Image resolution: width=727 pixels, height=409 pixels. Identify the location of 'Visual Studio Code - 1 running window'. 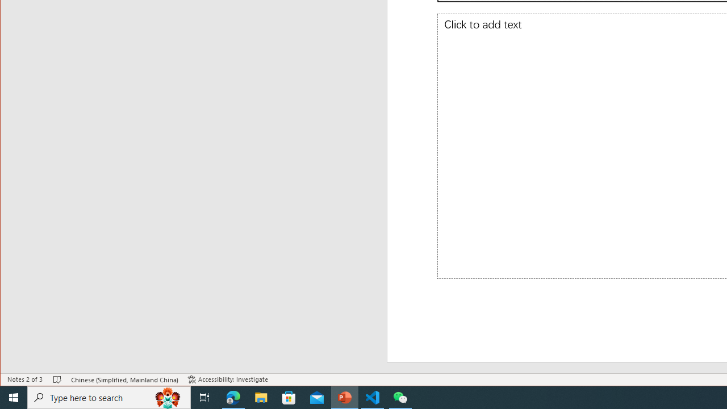
(373, 397).